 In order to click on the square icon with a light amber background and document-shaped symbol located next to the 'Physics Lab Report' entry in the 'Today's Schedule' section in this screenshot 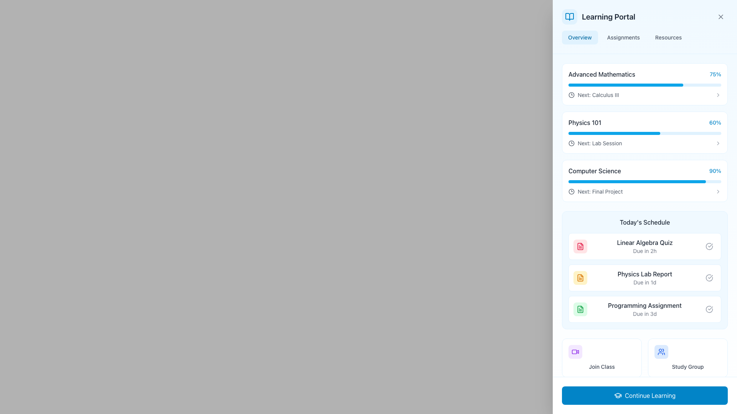, I will do `click(580, 278)`.